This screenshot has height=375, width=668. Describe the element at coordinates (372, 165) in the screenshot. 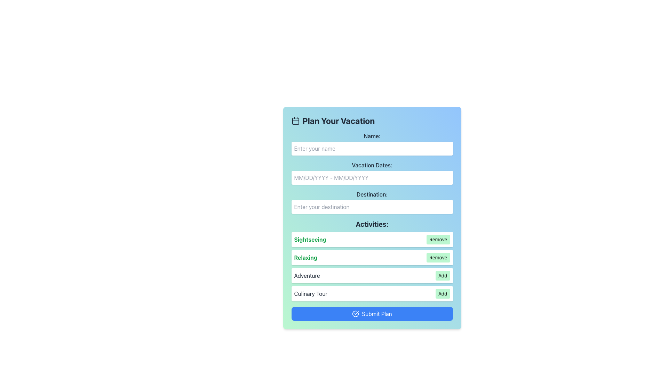

I see `the descriptive label for the date range input, which is positioned directly above the vacation dates input field in the form layout` at that location.